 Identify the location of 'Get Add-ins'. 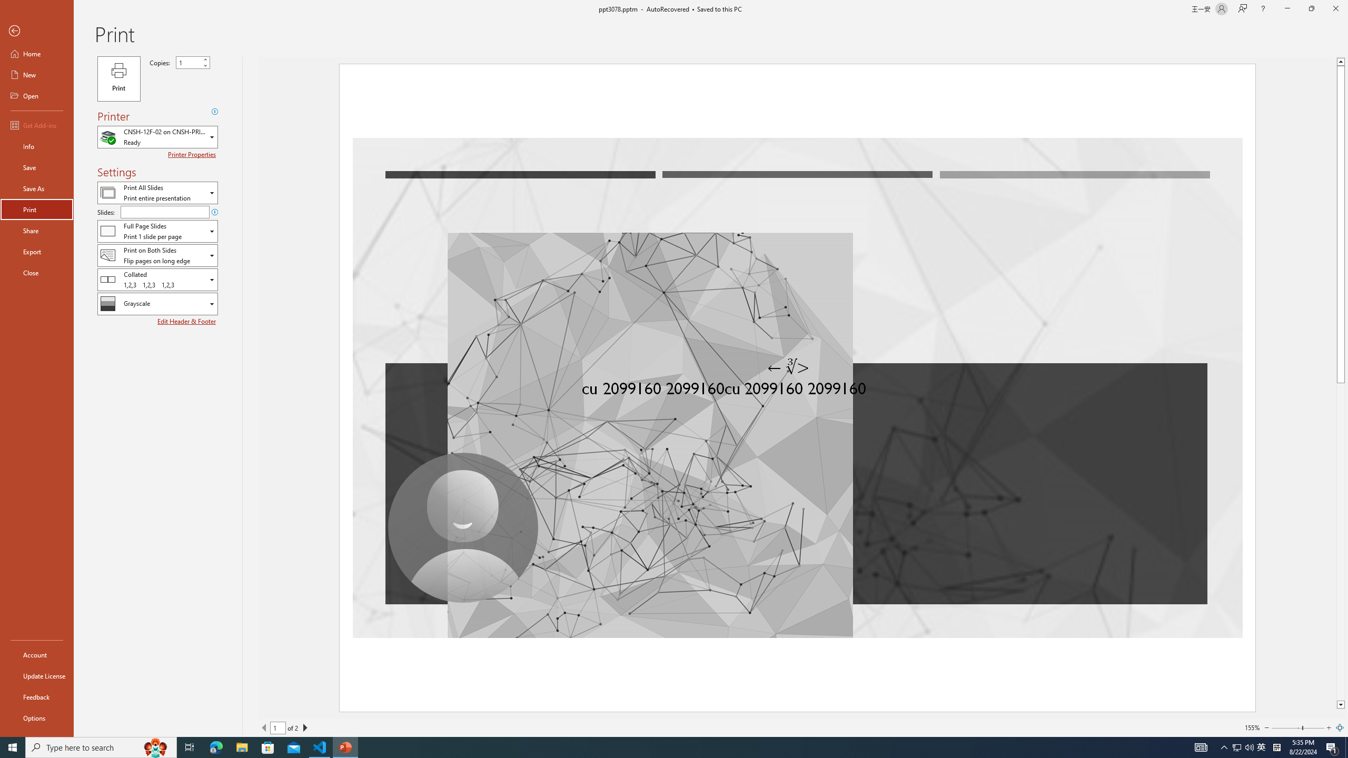
(36, 125).